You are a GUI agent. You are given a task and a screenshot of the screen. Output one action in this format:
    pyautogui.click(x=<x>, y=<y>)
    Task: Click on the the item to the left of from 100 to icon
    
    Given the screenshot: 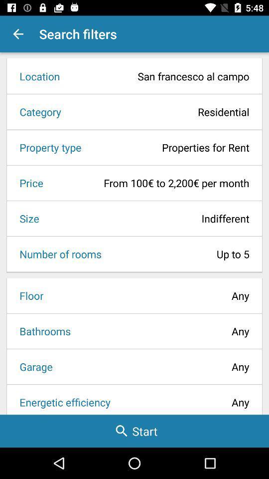 What is the action you would take?
    pyautogui.click(x=28, y=182)
    